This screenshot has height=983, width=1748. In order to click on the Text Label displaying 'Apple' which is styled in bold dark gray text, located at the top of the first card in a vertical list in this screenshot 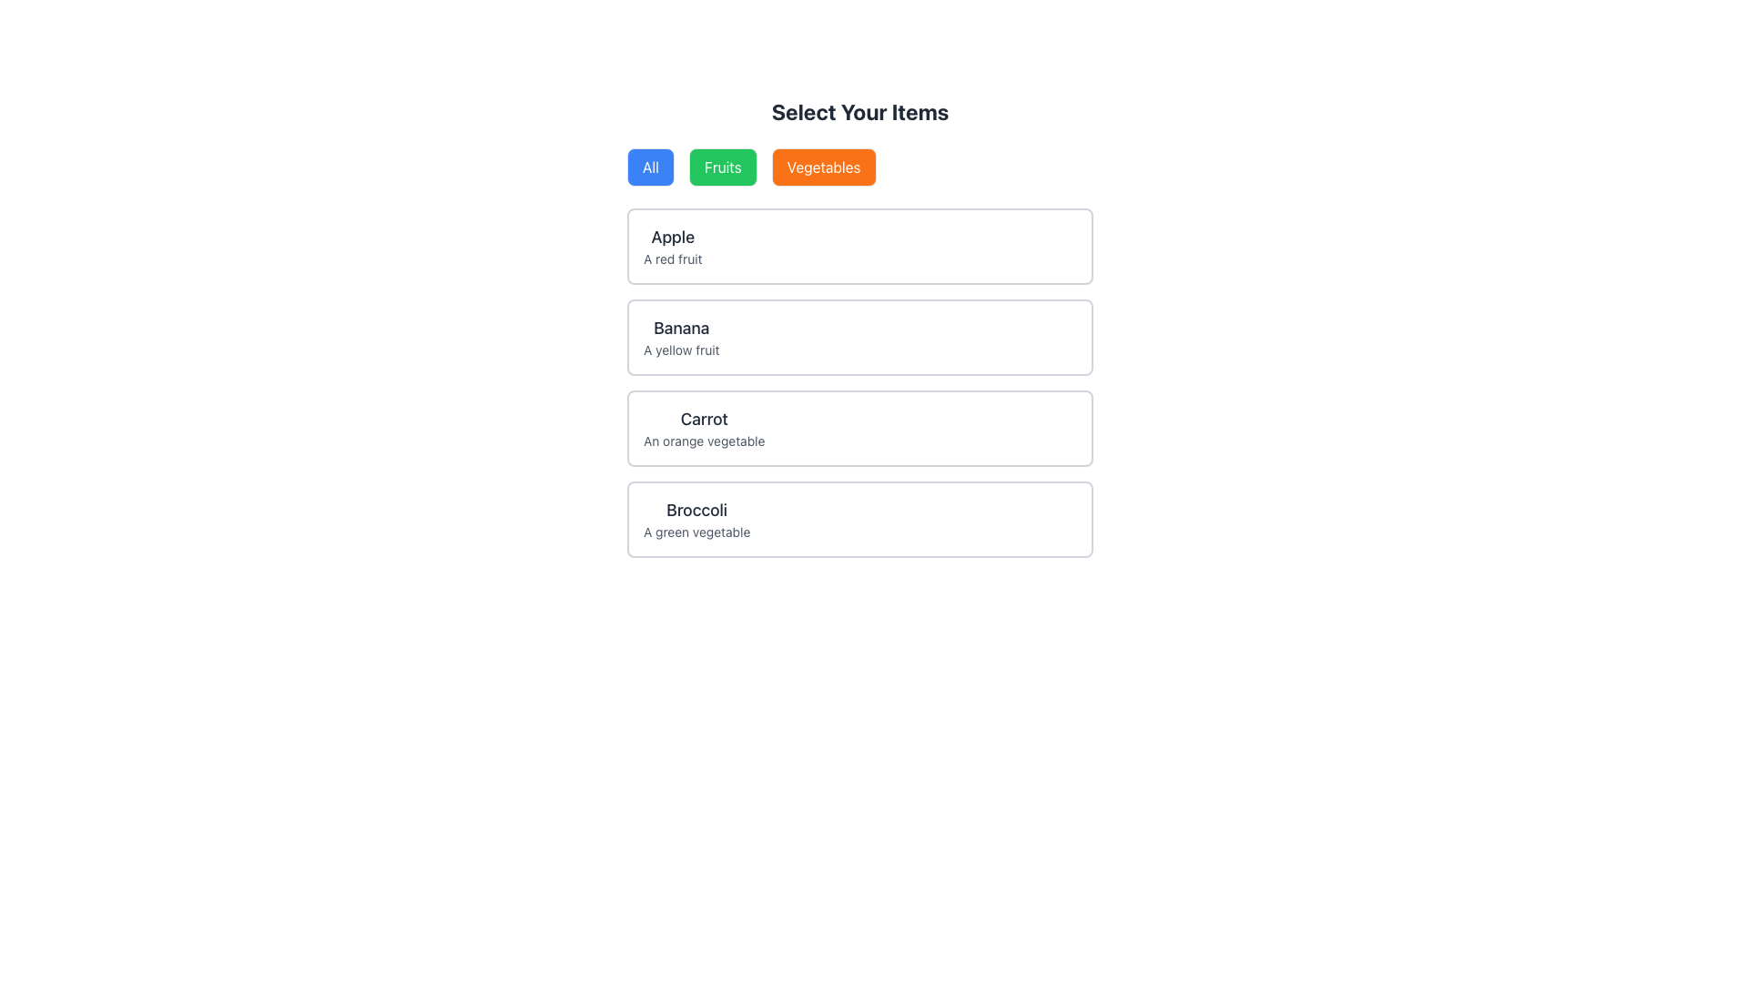, I will do `click(672, 237)`.